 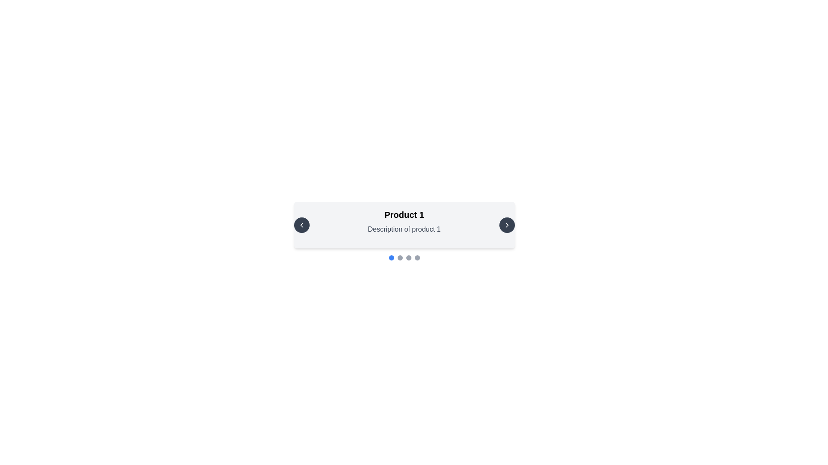 What do you see at coordinates (301, 225) in the screenshot?
I see `the Chevron Arrow icon located within a circular button on the left side of the rectangular card displaying 'Product 1' for visual feedback` at bounding box center [301, 225].